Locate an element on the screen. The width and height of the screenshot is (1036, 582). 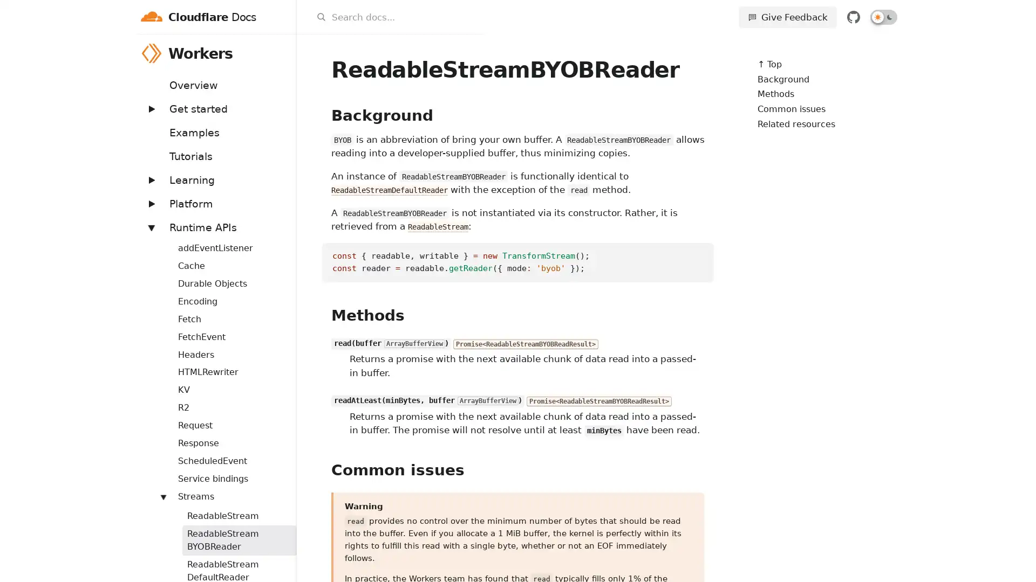
Expand: Runtime APIs is located at coordinates (150, 226).